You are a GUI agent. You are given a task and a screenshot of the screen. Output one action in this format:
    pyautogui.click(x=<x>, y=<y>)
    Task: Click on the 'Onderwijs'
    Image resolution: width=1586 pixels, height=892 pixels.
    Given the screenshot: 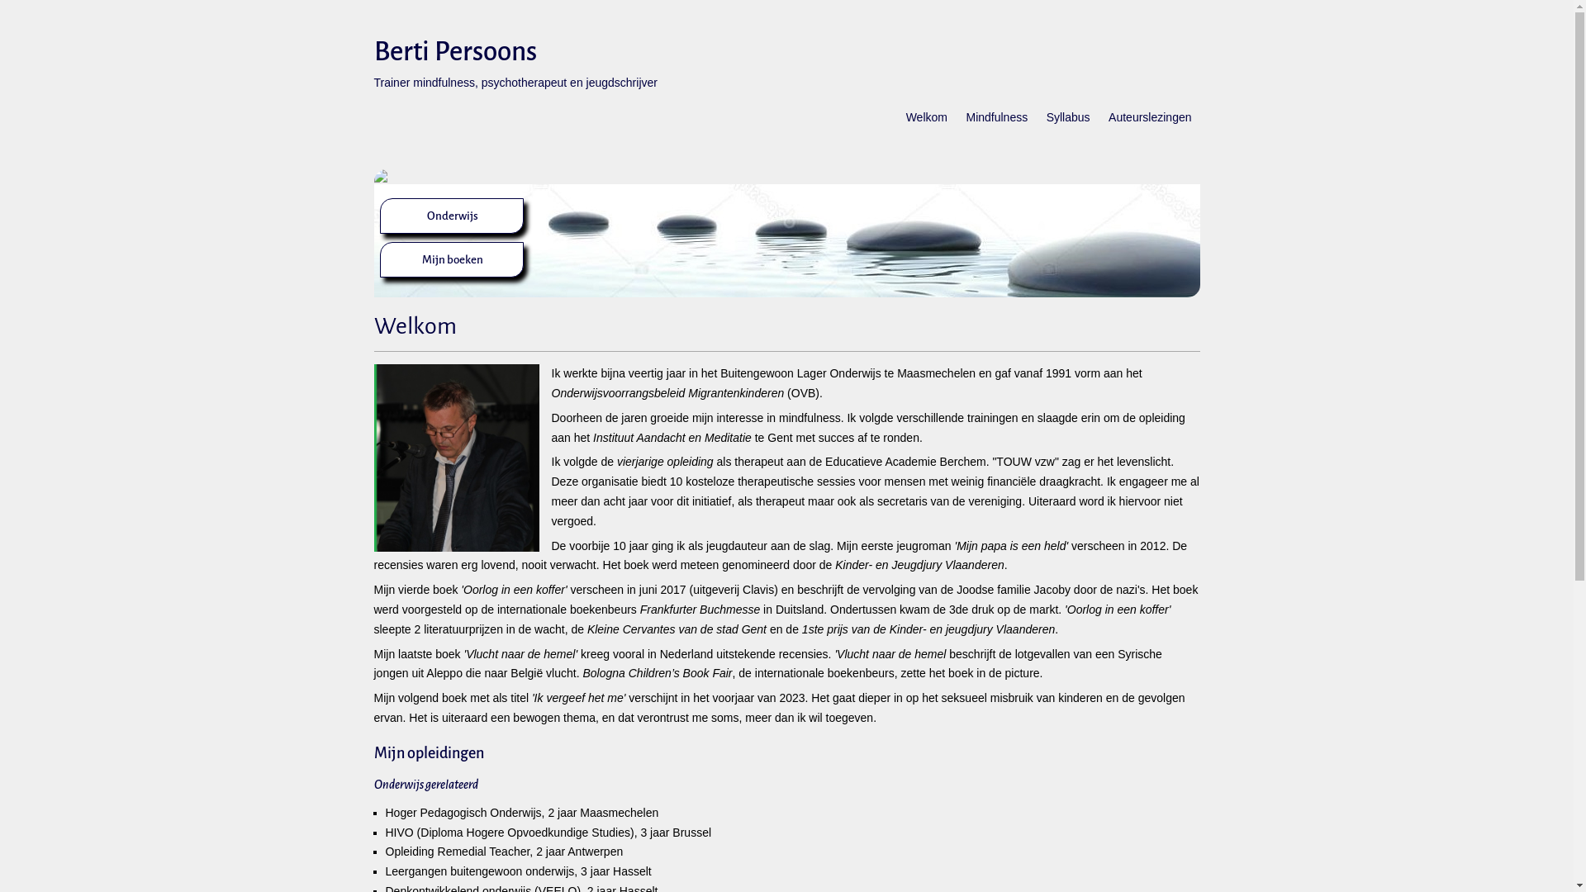 What is the action you would take?
    pyautogui.click(x=425, y=215)
    